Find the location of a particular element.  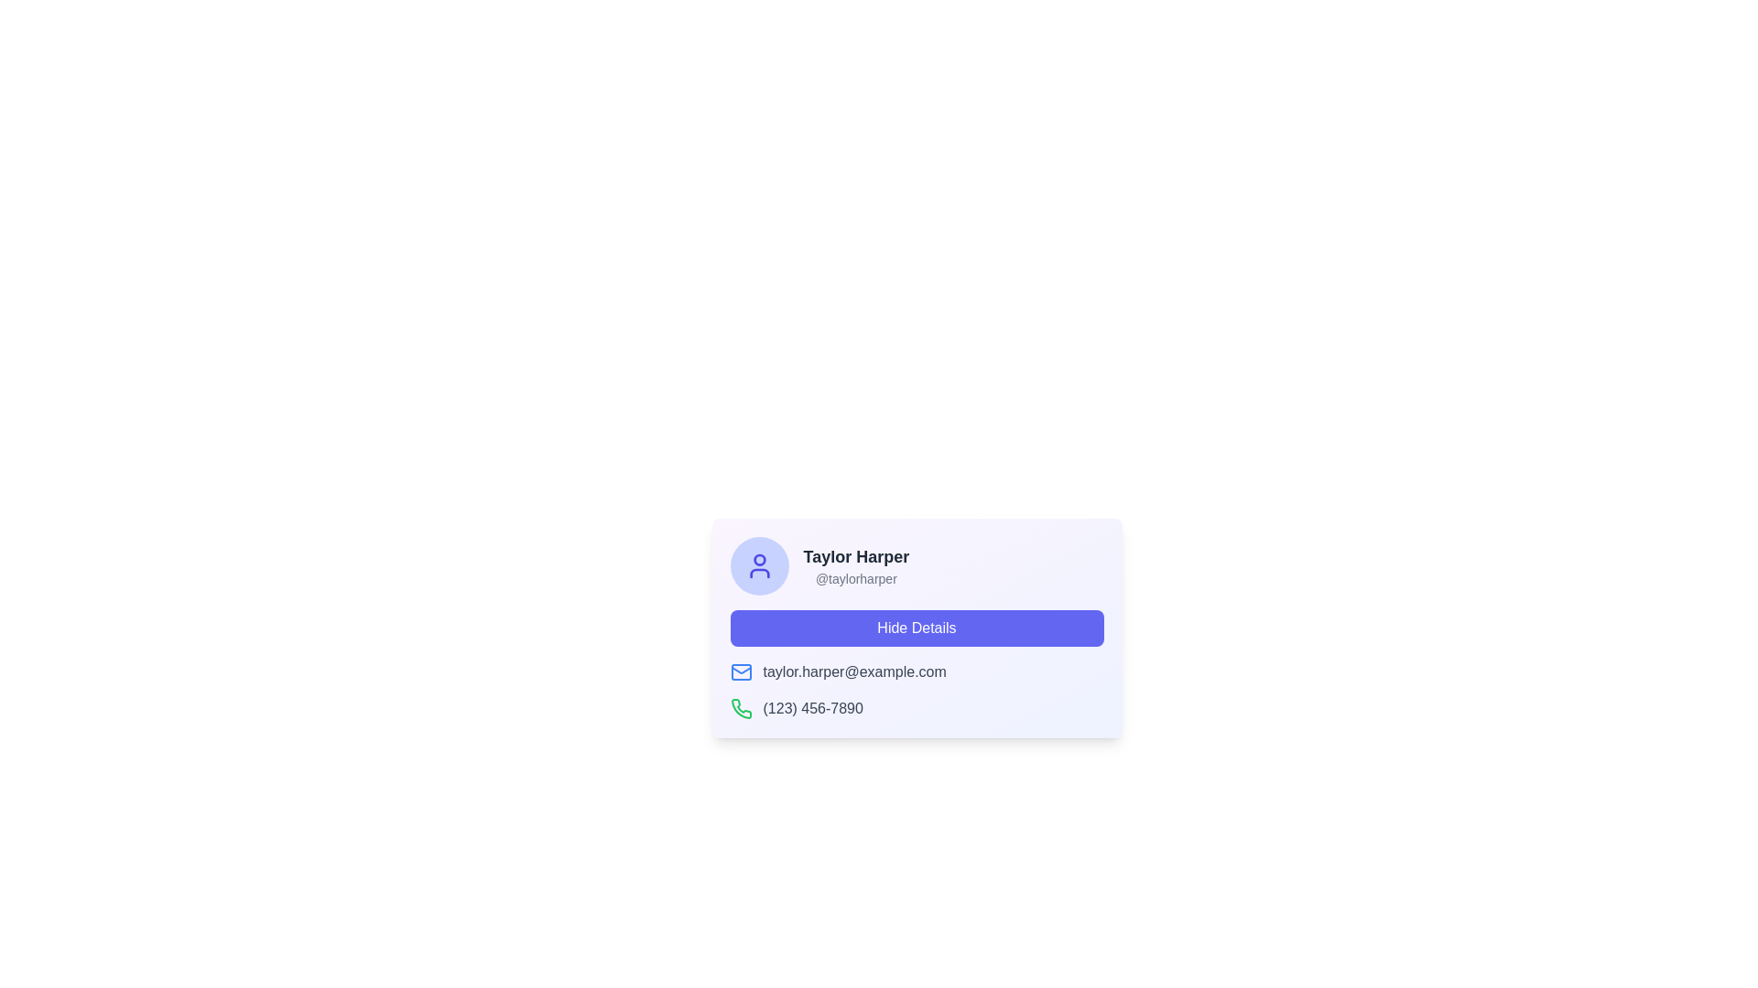

the email address display element, which shows contact details and is positioned to the right of an email icon within a horizontal grouping is located at coordinates (853, 672).